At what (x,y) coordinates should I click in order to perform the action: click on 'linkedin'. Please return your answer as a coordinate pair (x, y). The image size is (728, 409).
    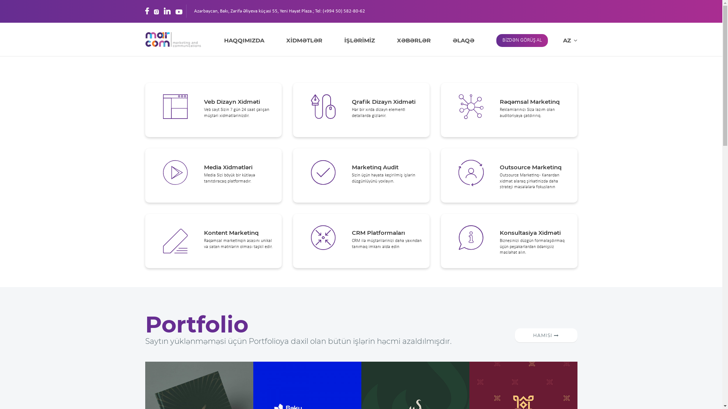
    Looking at the image, I should click on (167, 11).